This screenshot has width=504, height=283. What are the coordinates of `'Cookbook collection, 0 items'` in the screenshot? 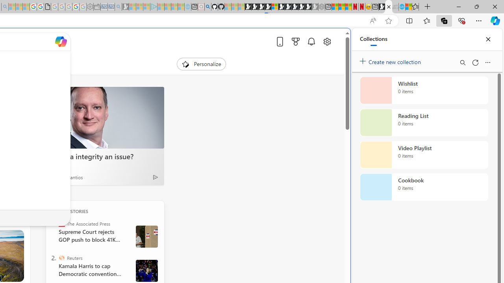 It's located at (424, 187).